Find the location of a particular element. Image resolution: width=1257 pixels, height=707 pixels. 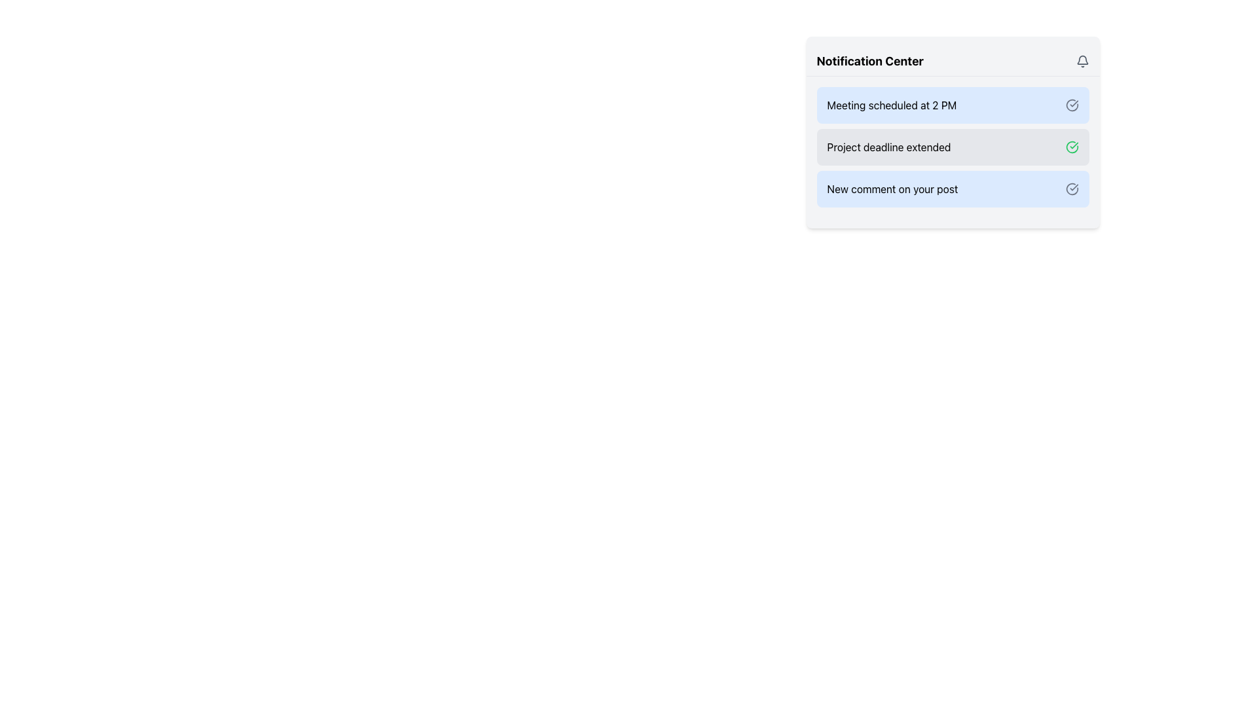

the notification regarding the project deadline extension located in the second position of the Notification Center is located at coordinates (953, 147).